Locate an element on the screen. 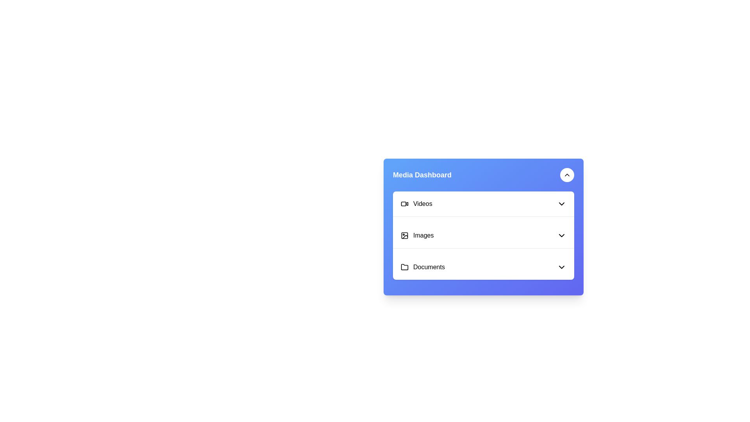  the toggle button located at the top-right corner of the 'Media Dashboard' header is located at coordinates (567, 174).